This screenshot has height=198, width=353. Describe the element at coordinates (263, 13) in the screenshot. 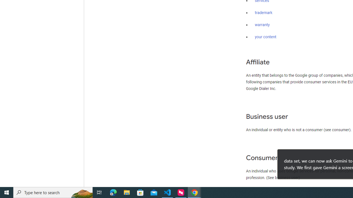

I see `'trademark'` at that location.